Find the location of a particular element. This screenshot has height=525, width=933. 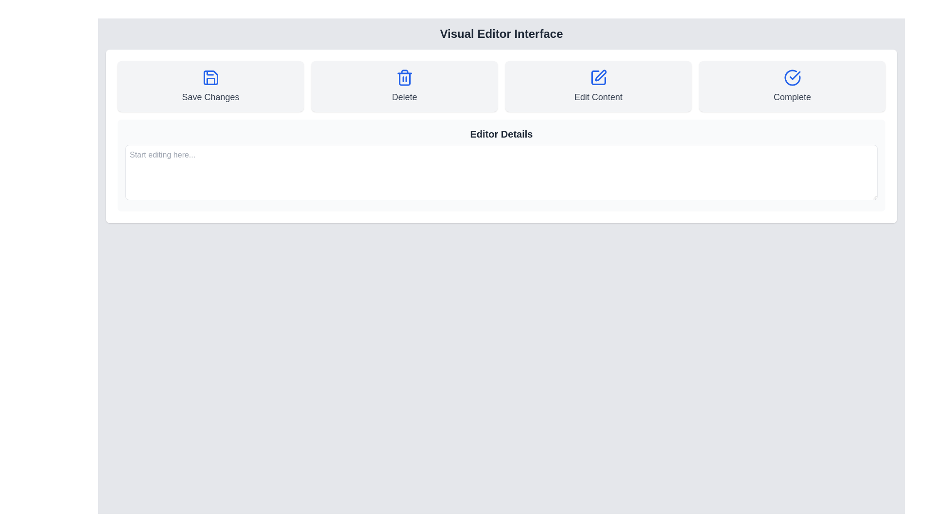

the 'Save Changes' button represented by the SVG save icon, which is located at the leftmost side of the top row of buttons in the interface is located at coordinates (210, 81).